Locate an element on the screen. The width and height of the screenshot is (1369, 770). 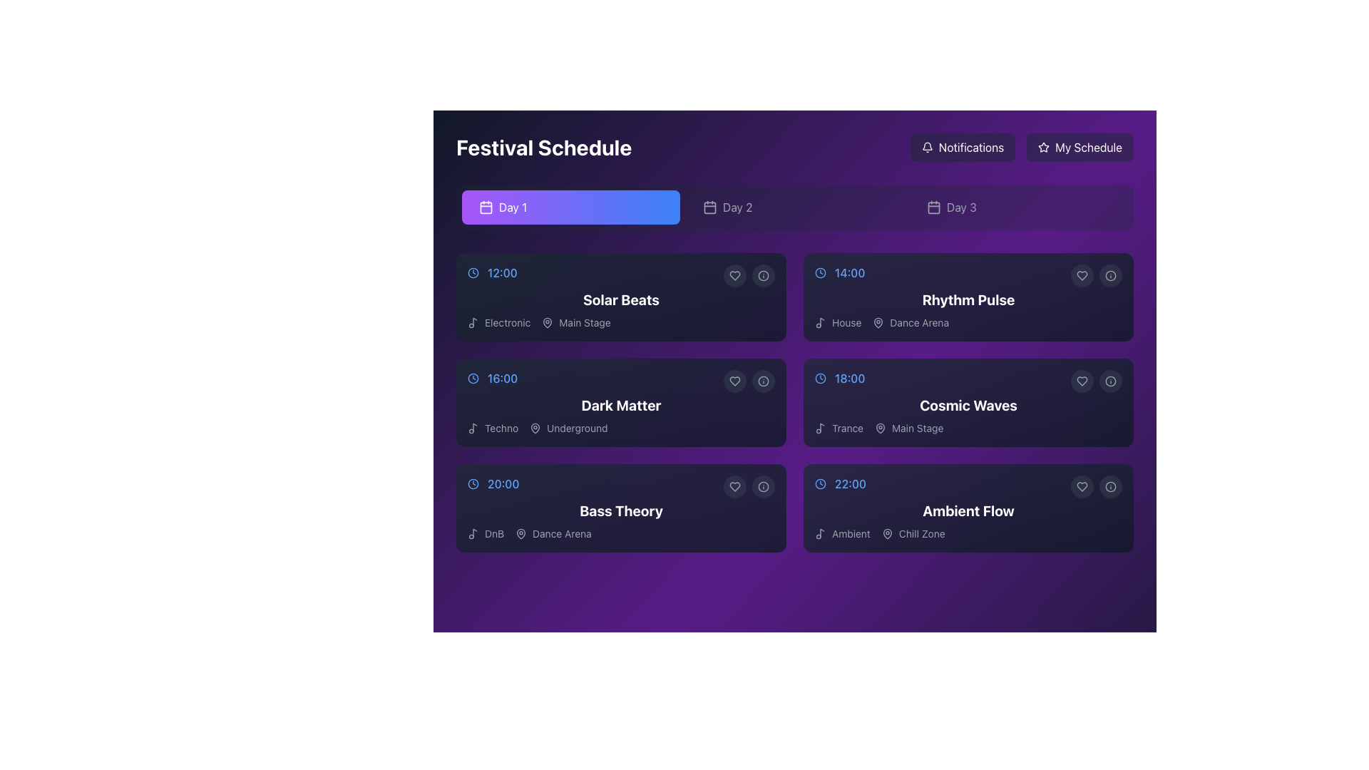
the heart-shaped icon in the top-right corner of the 'Dark Matter' event card is located at coordinates (735, 381).